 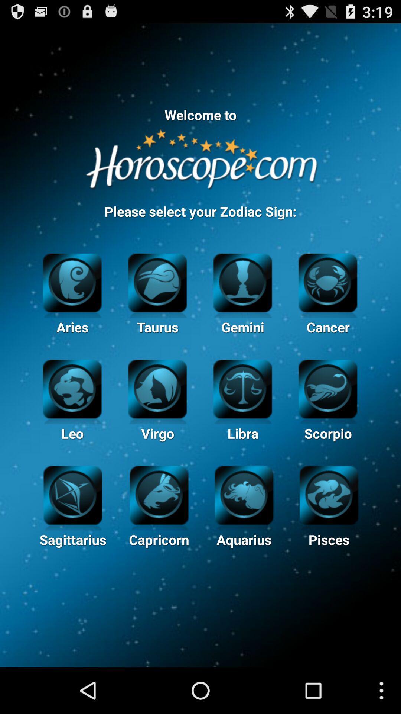 What do you see at coordinates (327, 387) in the screenshot?
I see `scorpio` at bounding box center [327, 387].